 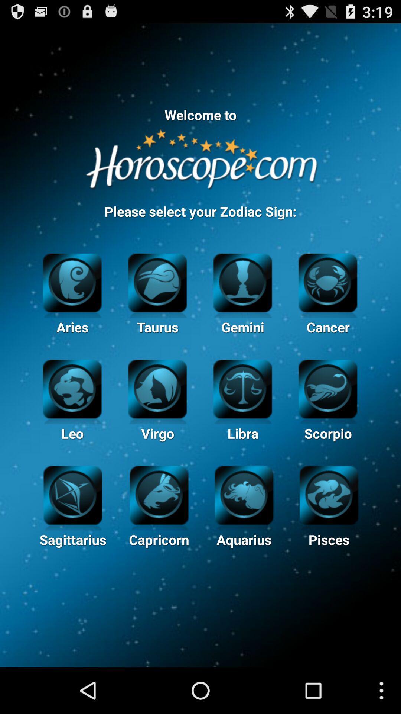 What do you see at coordinates (327, 387) in the screenshot?
I see `scorpio` at bounding box center [327, 387].